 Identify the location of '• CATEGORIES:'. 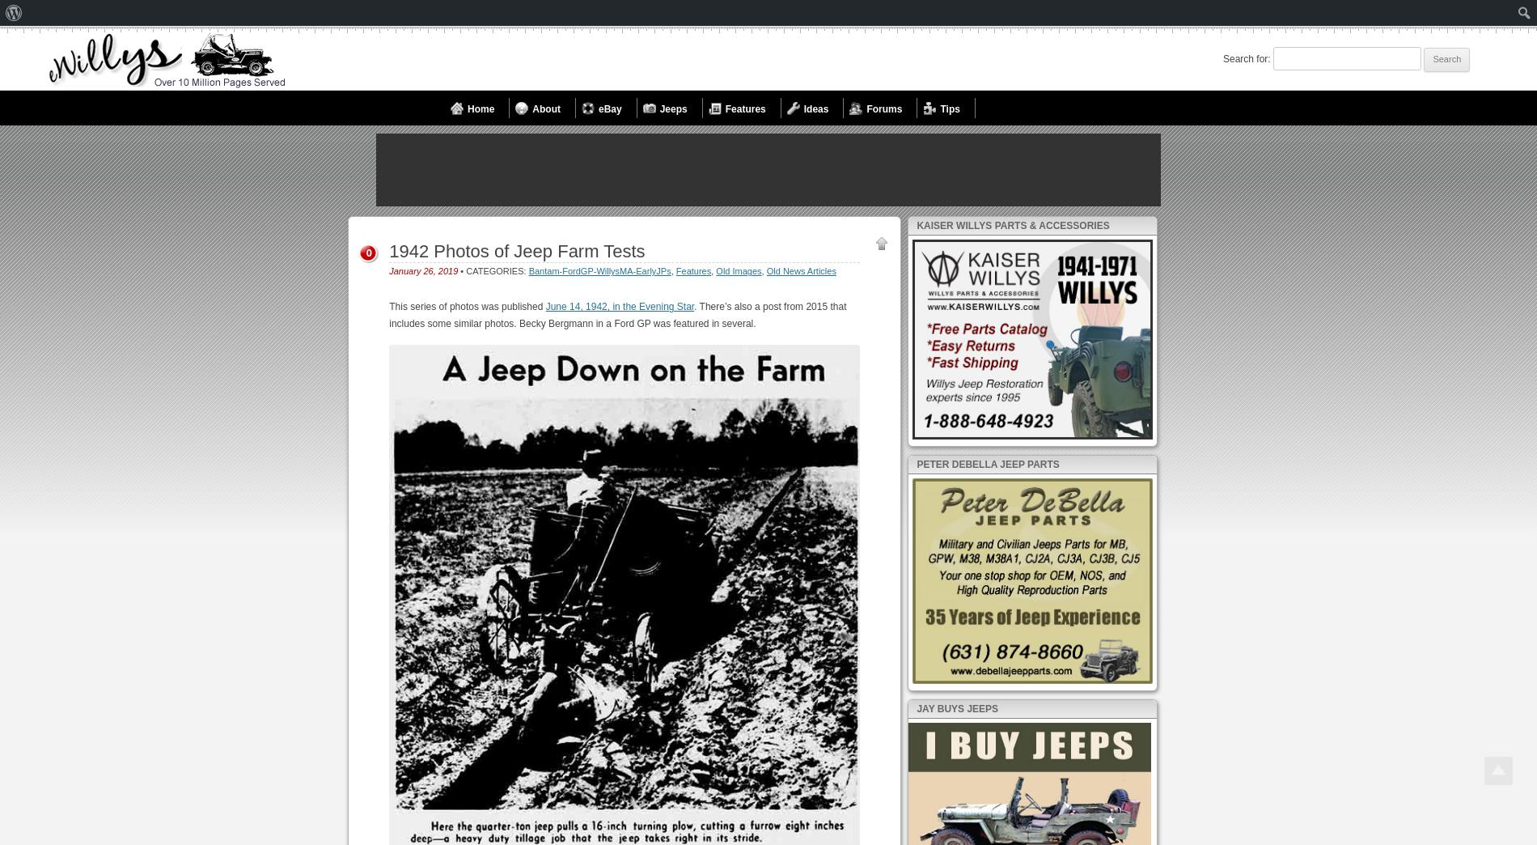
(458, 271).